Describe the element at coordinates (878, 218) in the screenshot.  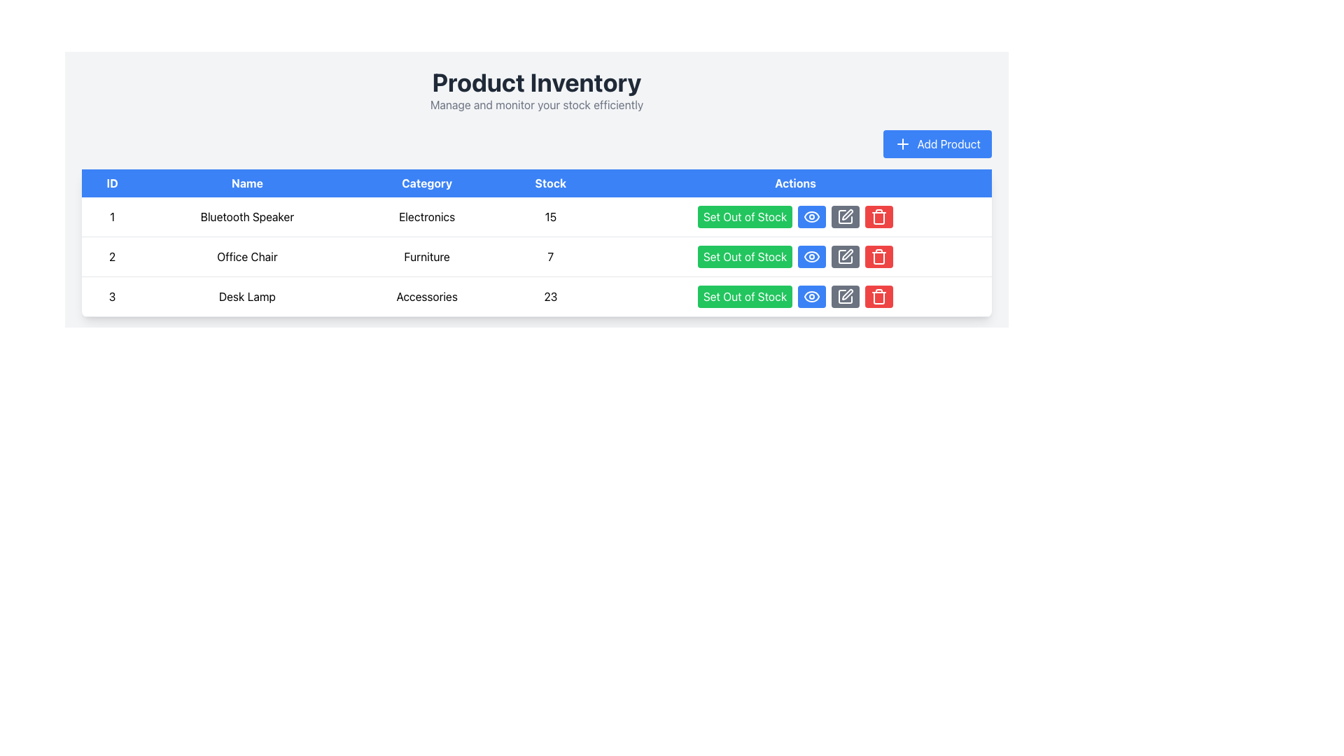
I see `the supportive design element of the trash bin icon located in the 'Actions' column of the last row of the table` at that location.